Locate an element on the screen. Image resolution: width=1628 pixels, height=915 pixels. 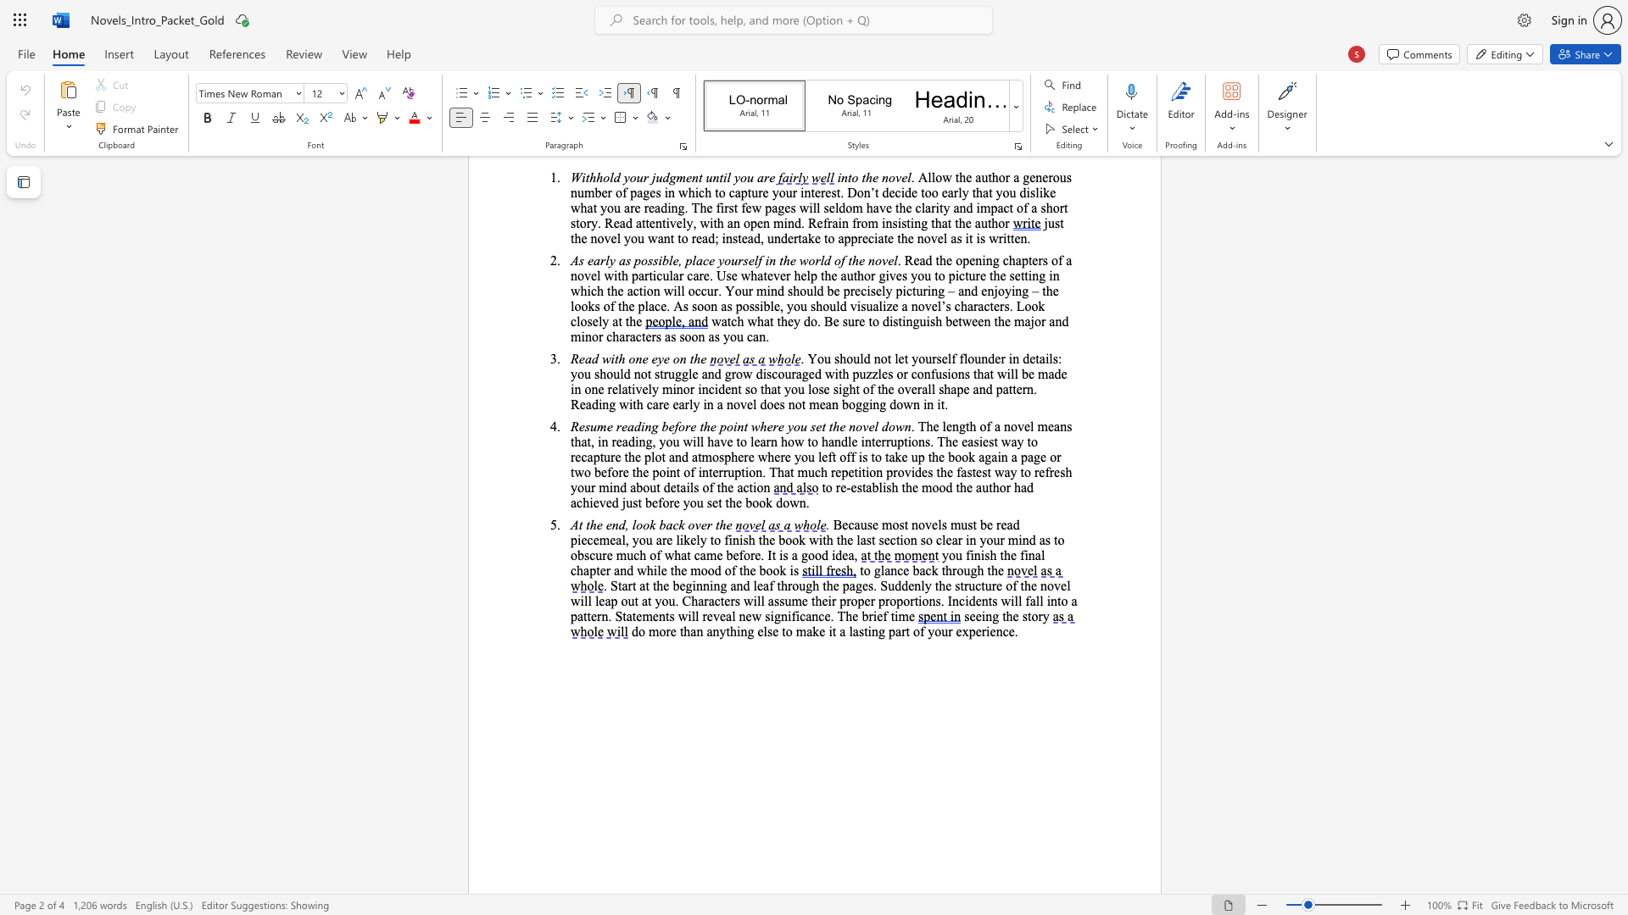
the subset text "ood of the book" within the text "and while the mood of the book is" is located at coordinates (700, 570).